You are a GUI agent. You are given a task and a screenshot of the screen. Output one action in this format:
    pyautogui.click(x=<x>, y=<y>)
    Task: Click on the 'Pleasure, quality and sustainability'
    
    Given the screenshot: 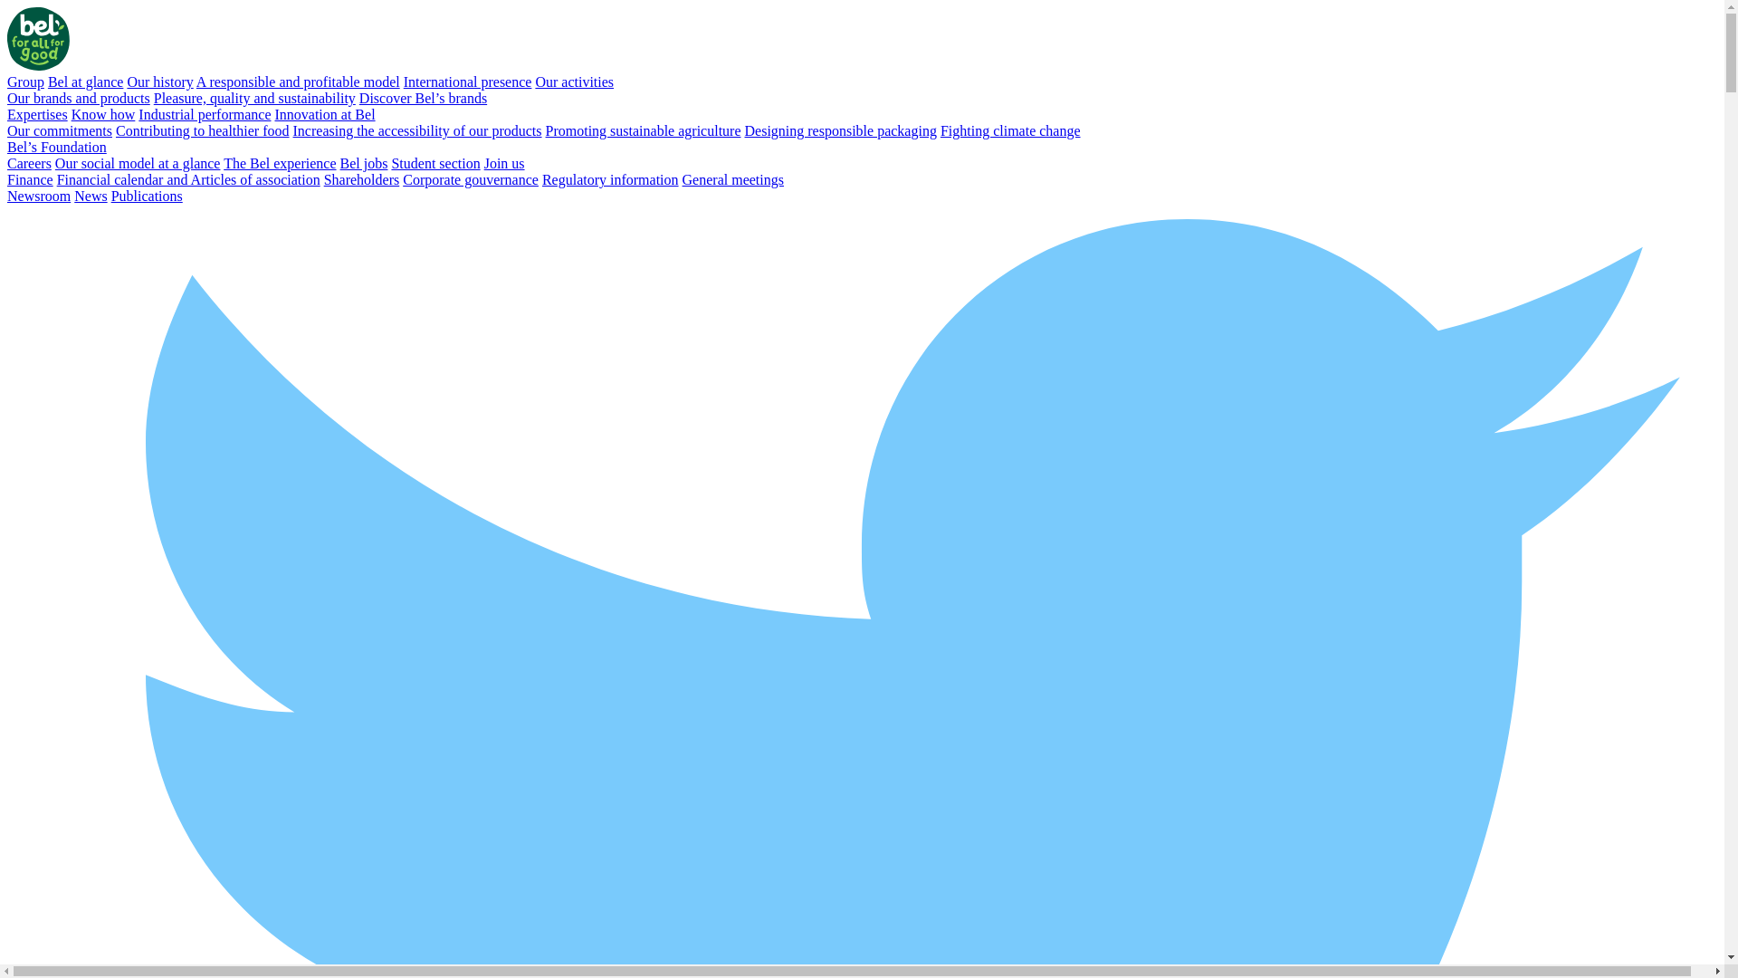 What is the action you would take?
    pyautogui.click(x=253, y=98)
    